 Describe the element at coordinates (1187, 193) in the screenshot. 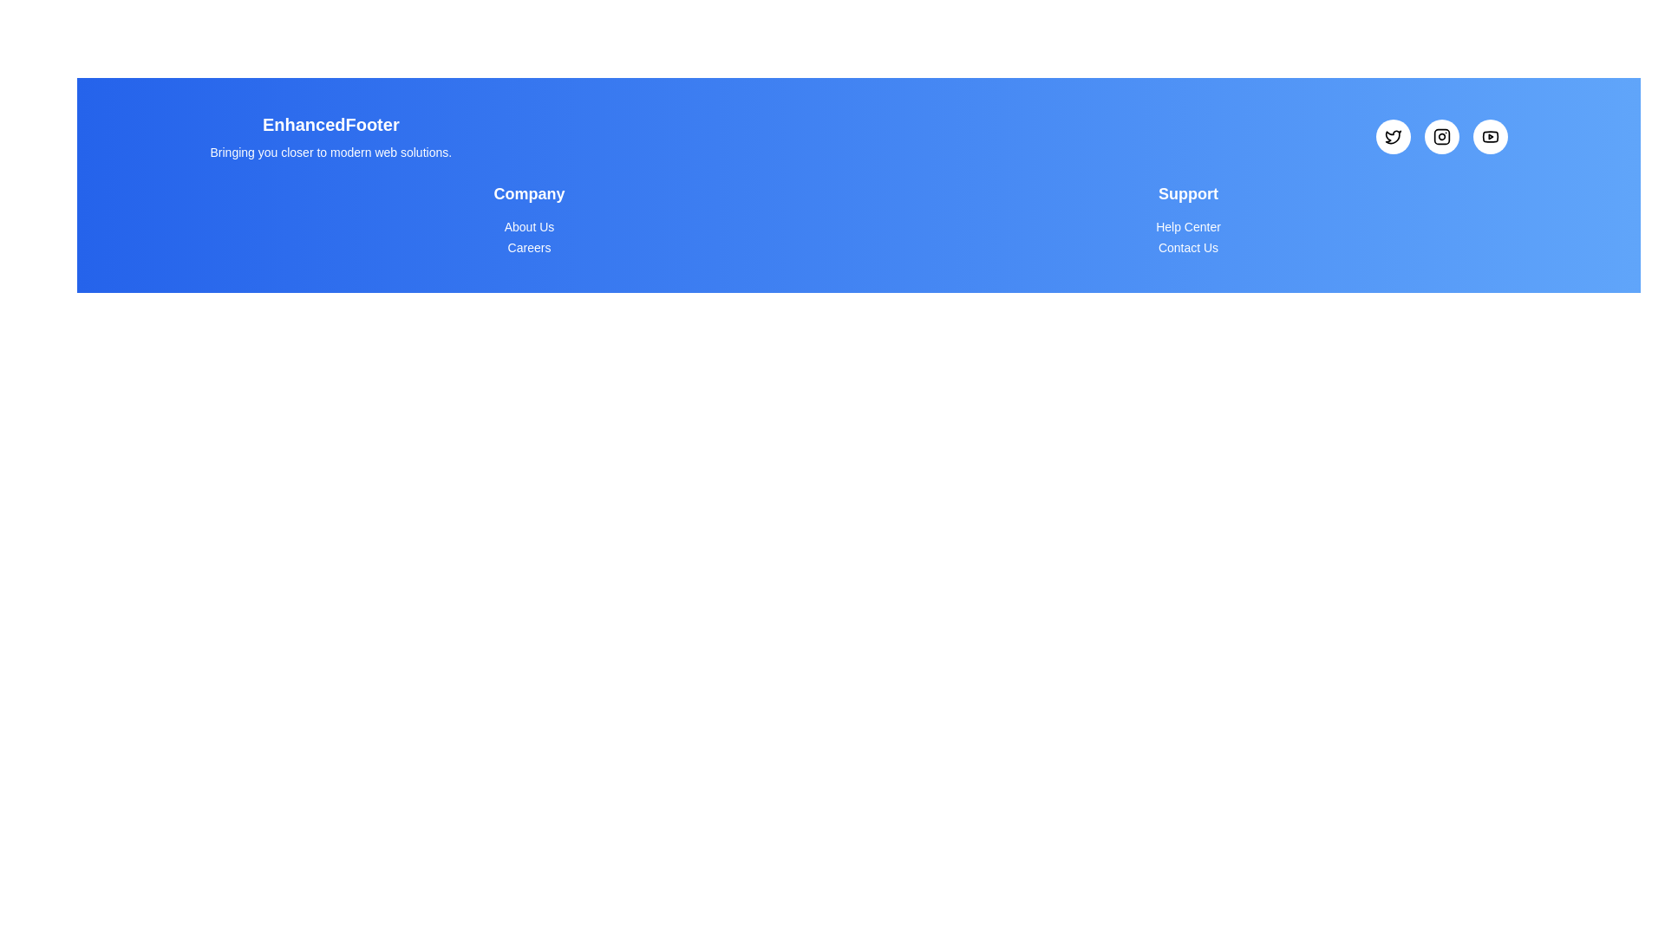

I see `the 'Support' section header text label located at the top of the vertical stack in the footer, which groups the related links beneath it` at that location.